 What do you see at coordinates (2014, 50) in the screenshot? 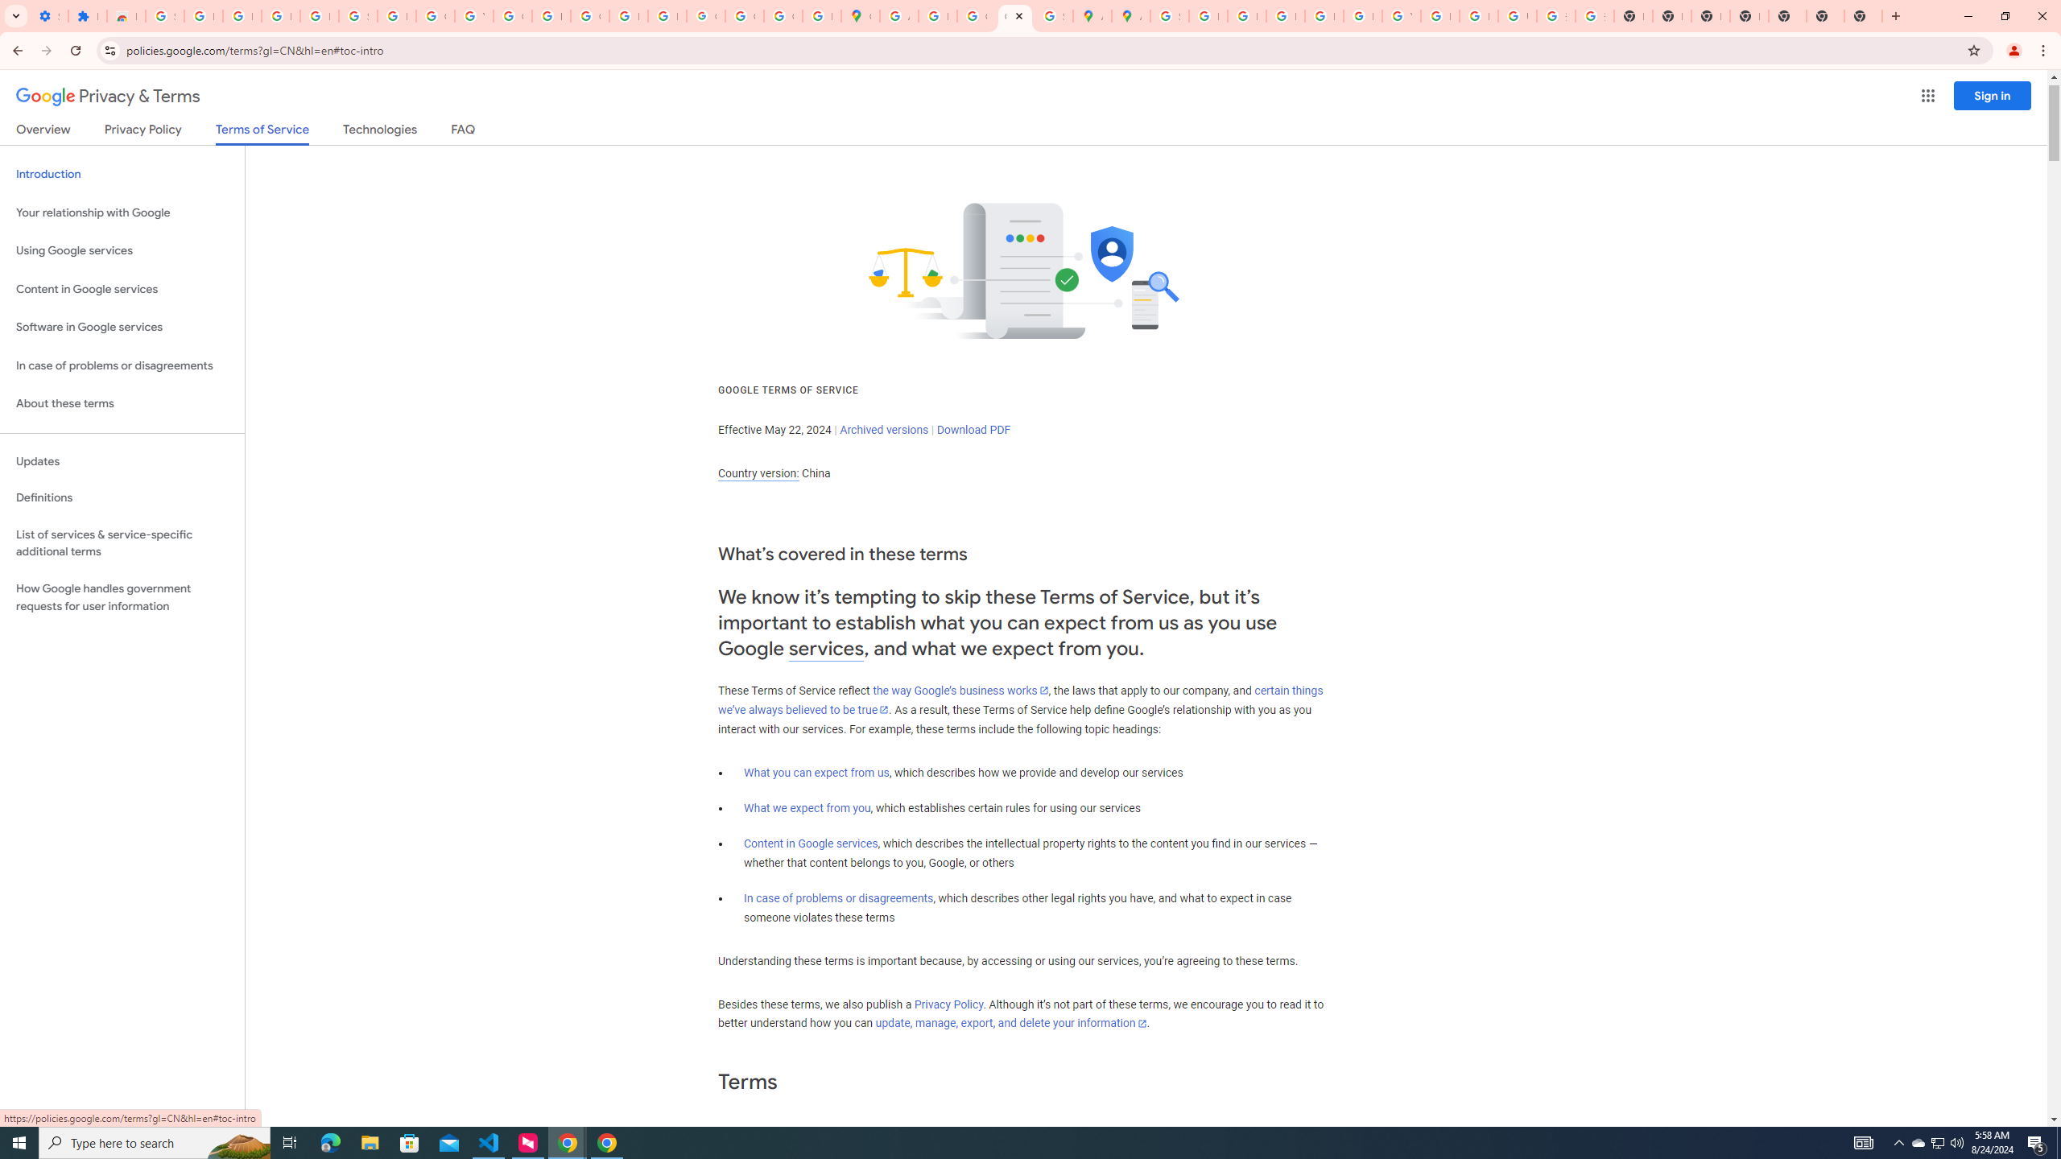
I see `'You'` at bounding box center [2014, 50].